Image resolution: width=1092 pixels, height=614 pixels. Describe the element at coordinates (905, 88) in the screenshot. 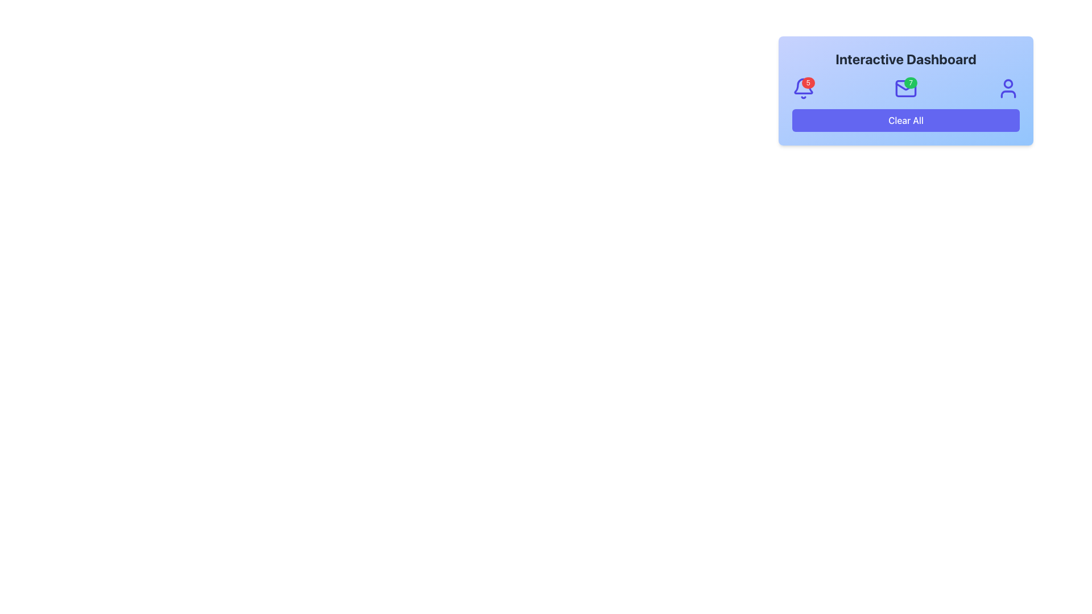

I see `the Notification Badge, which features an indigo envelope icon and a green circular badge with the number '7'` at that location.